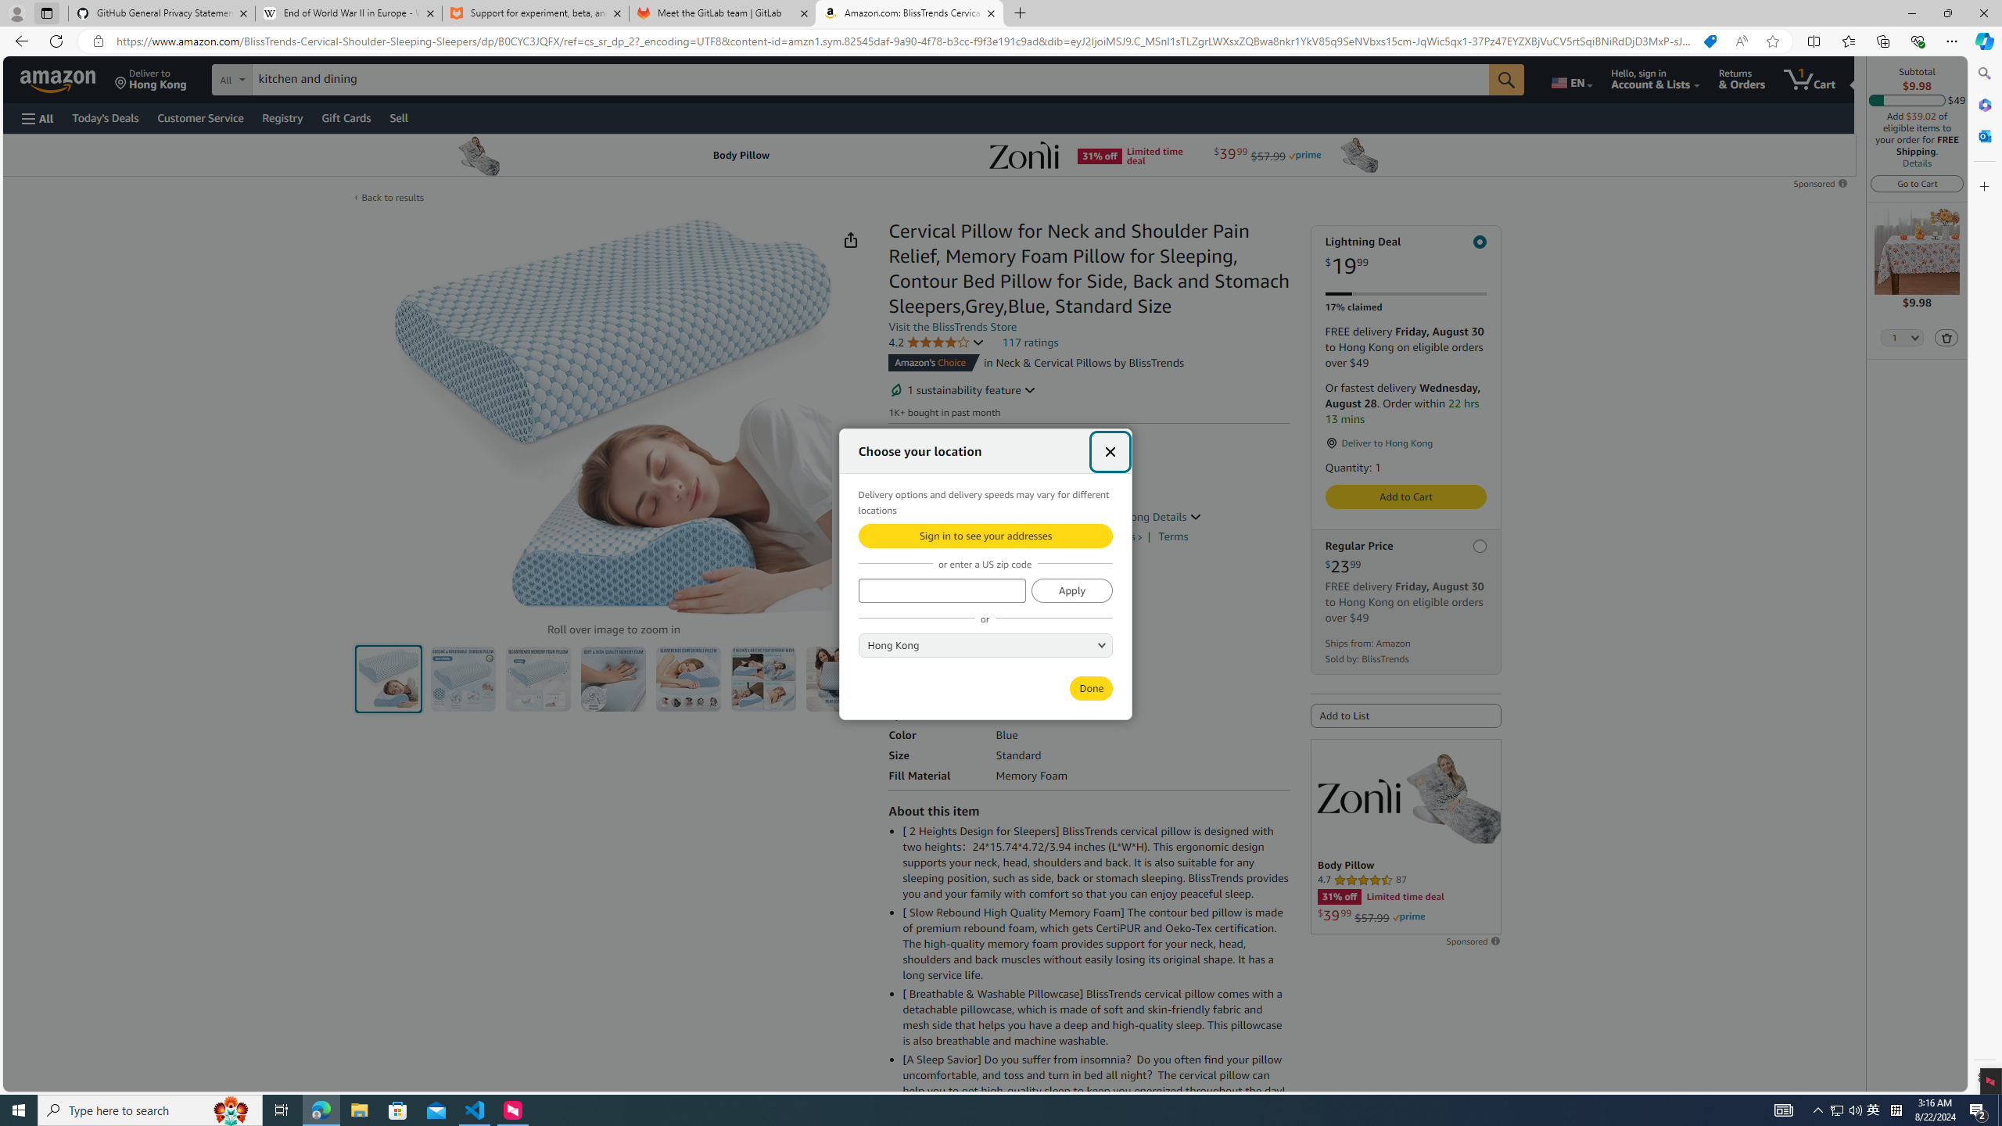  Describe the element at coordinates (36, 117) in the screenshot. I see `'Open Menu'` at that location.